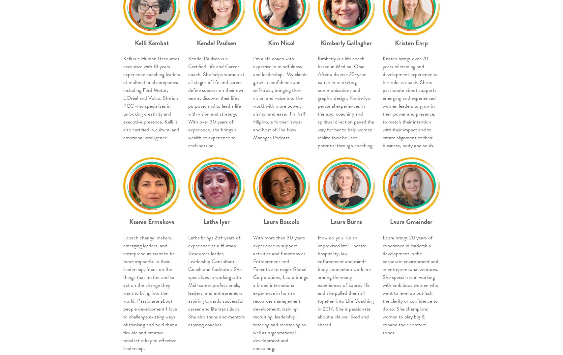 Image resolution: width=563 pixels, height=355 pixels. What do you see at coordinates (346, 42) in the screenshot?
I see `'Kimberly Gallagher'` at bounding box center [346, 42].